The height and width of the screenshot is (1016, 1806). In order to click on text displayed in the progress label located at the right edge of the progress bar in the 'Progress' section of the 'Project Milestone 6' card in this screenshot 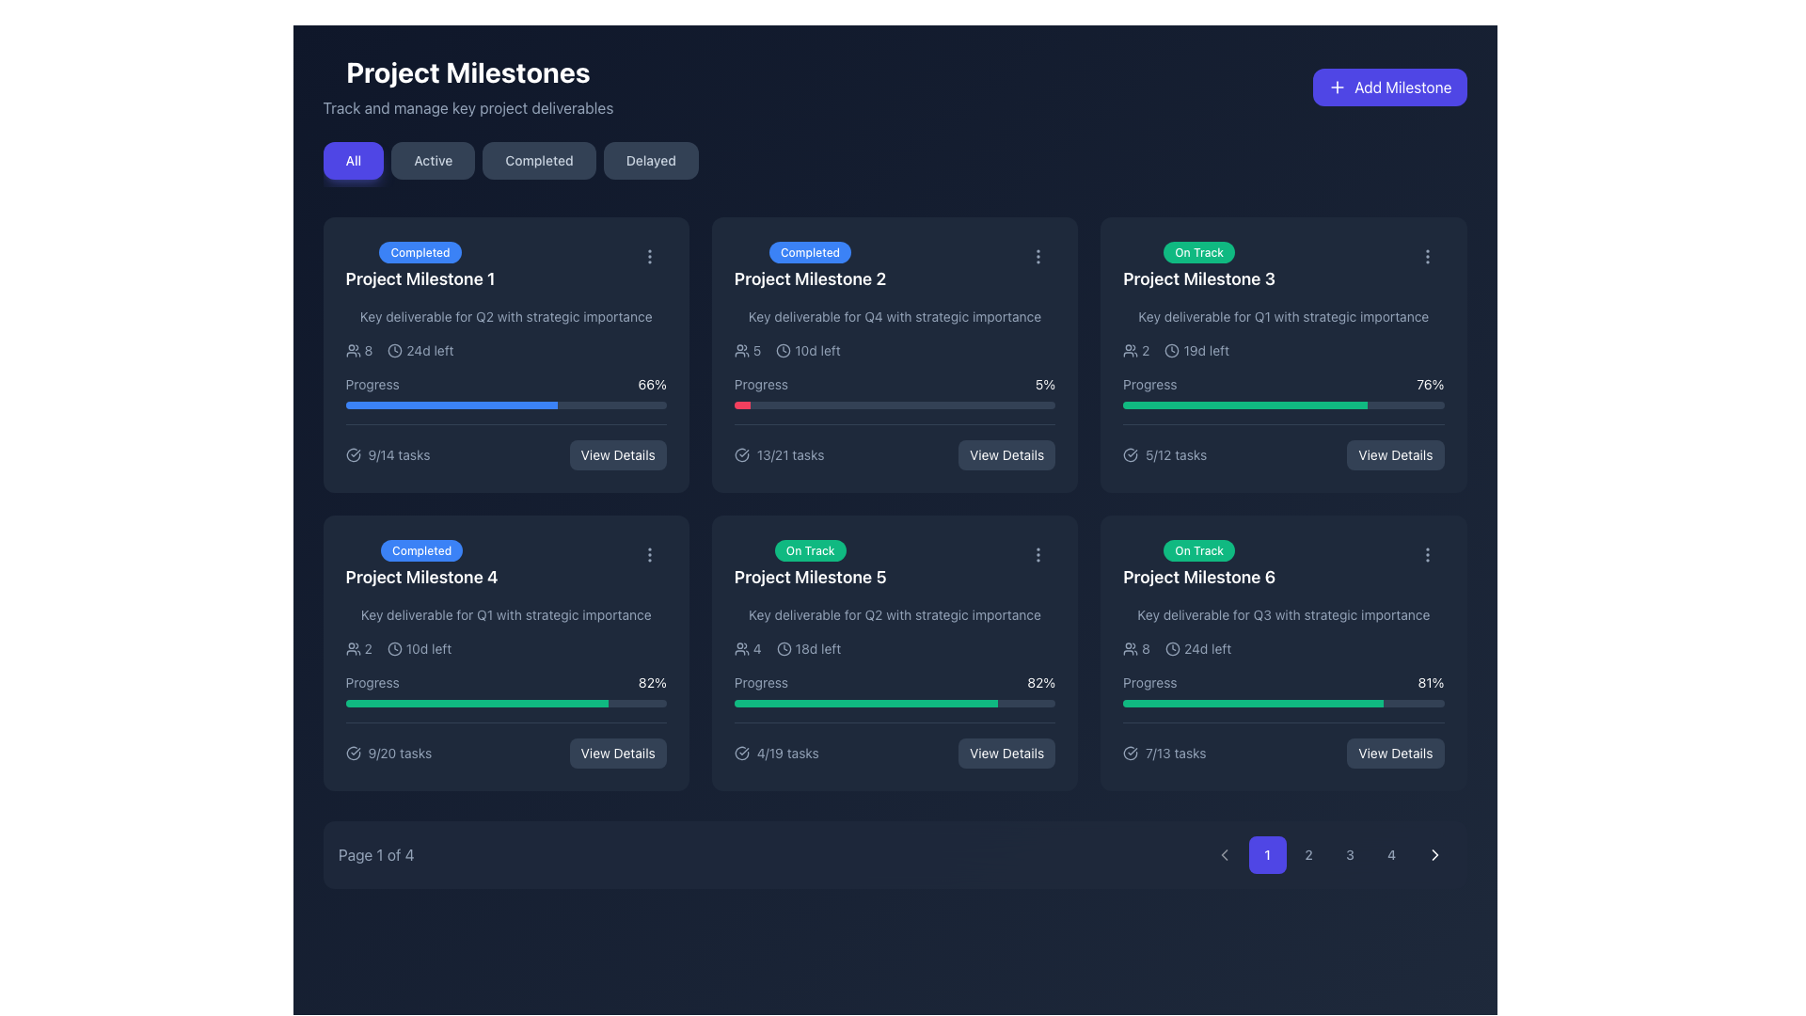, I will do `click(1430, 682)`.